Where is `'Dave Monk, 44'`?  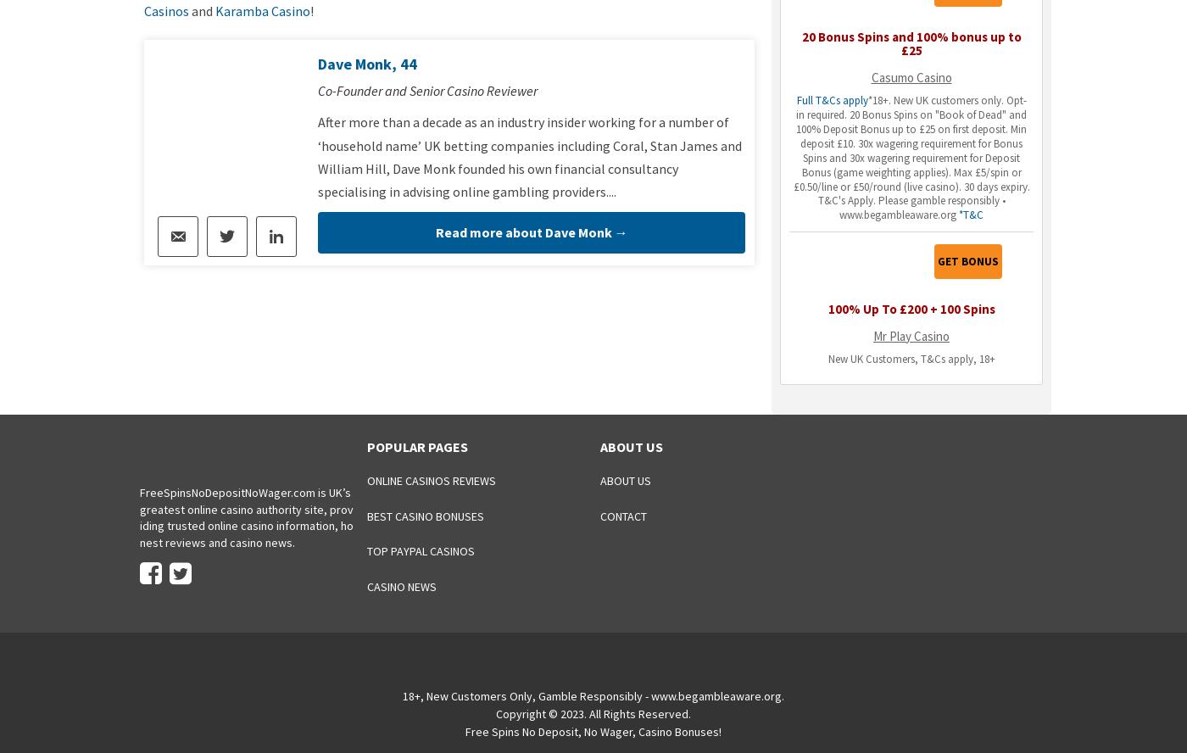 'Dave Monk, 44' is located at coordinates (367, 62).